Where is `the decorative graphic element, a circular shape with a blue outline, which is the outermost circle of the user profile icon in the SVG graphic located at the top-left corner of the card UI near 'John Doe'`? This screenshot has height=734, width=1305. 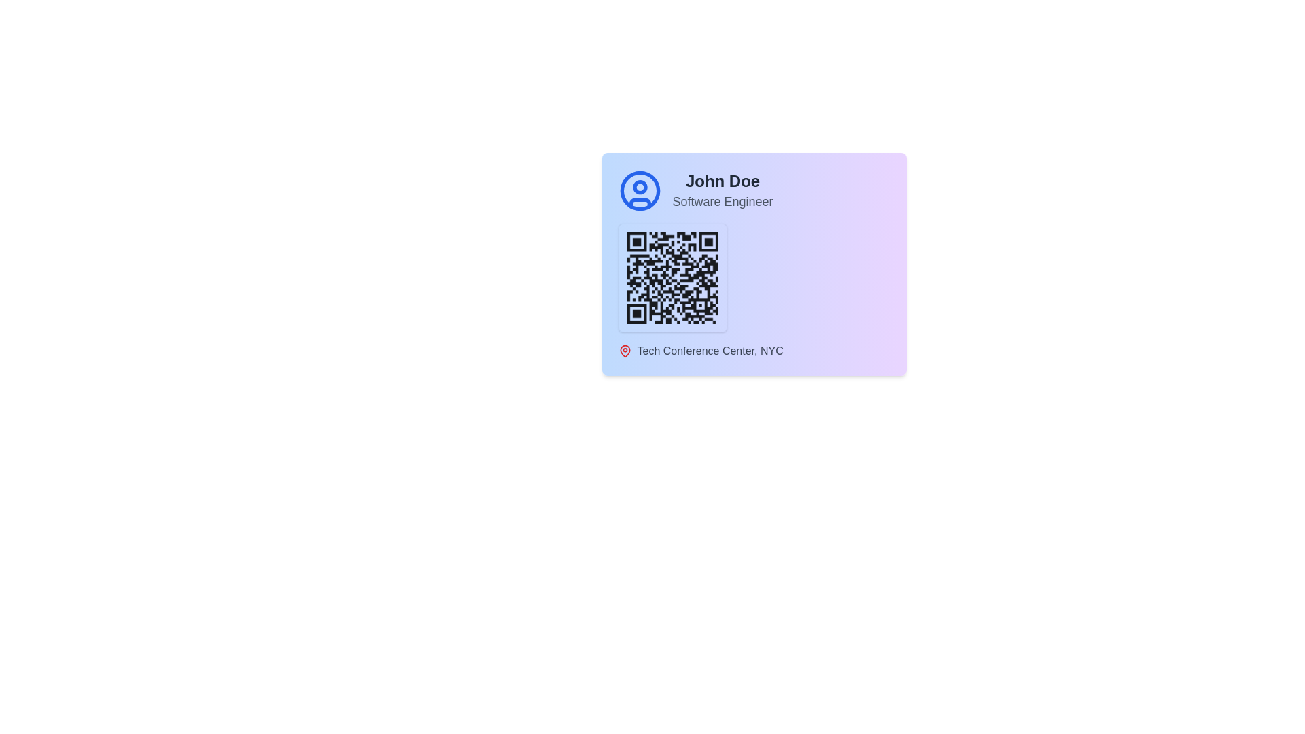
the decorative graphic element, a circular shape with a blue outline, which is the outermost circle of the user profile icon in the SVG graphic located at the top-left corner of the card UI near 'John Doe' is located at coordinates (639, 191).